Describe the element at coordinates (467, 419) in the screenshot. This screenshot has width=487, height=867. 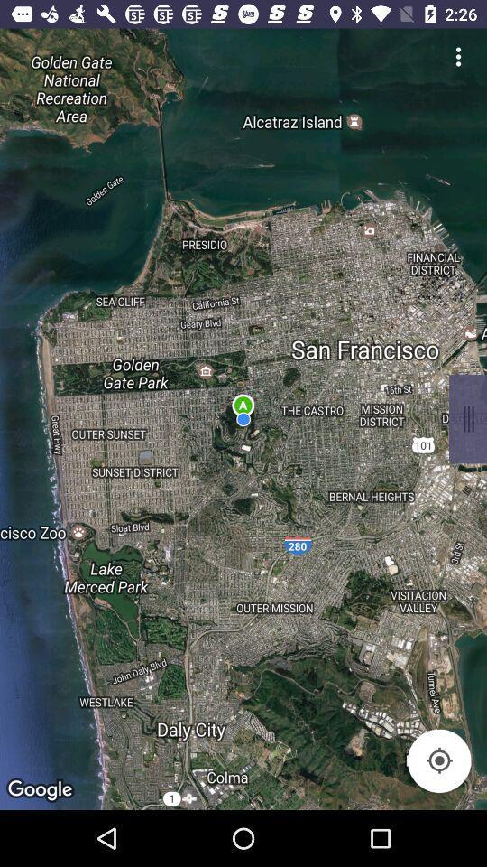
I see `item on the right` at that location.